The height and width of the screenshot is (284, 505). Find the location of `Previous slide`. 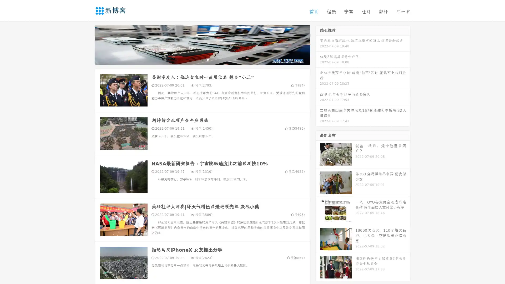

Previous slide is located at coordinates (87, 44).